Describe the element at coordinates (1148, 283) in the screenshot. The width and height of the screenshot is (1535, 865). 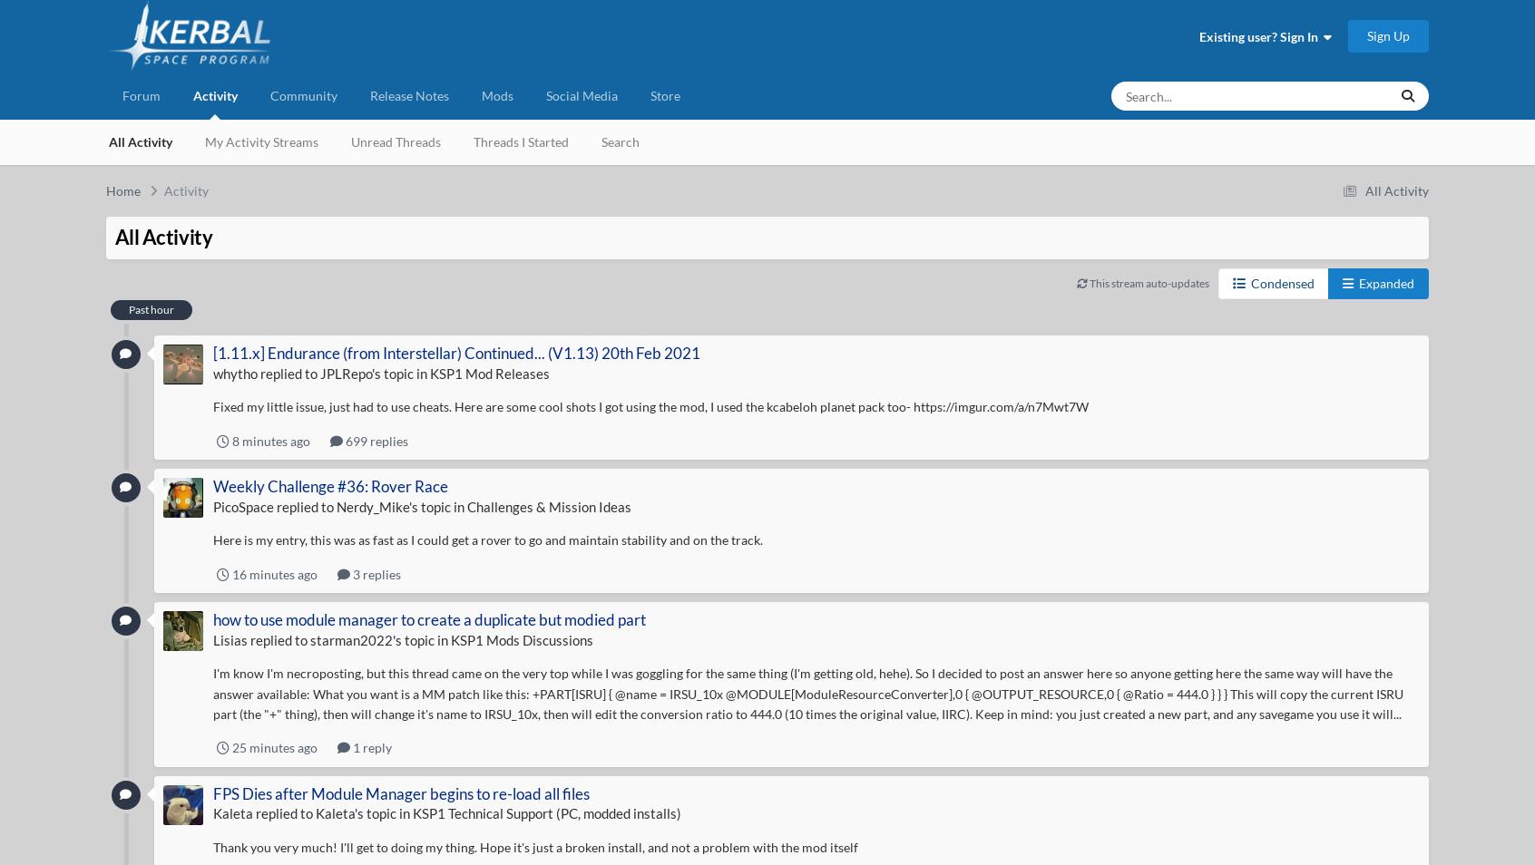
I see `'This stream auto-updates'` at that location.